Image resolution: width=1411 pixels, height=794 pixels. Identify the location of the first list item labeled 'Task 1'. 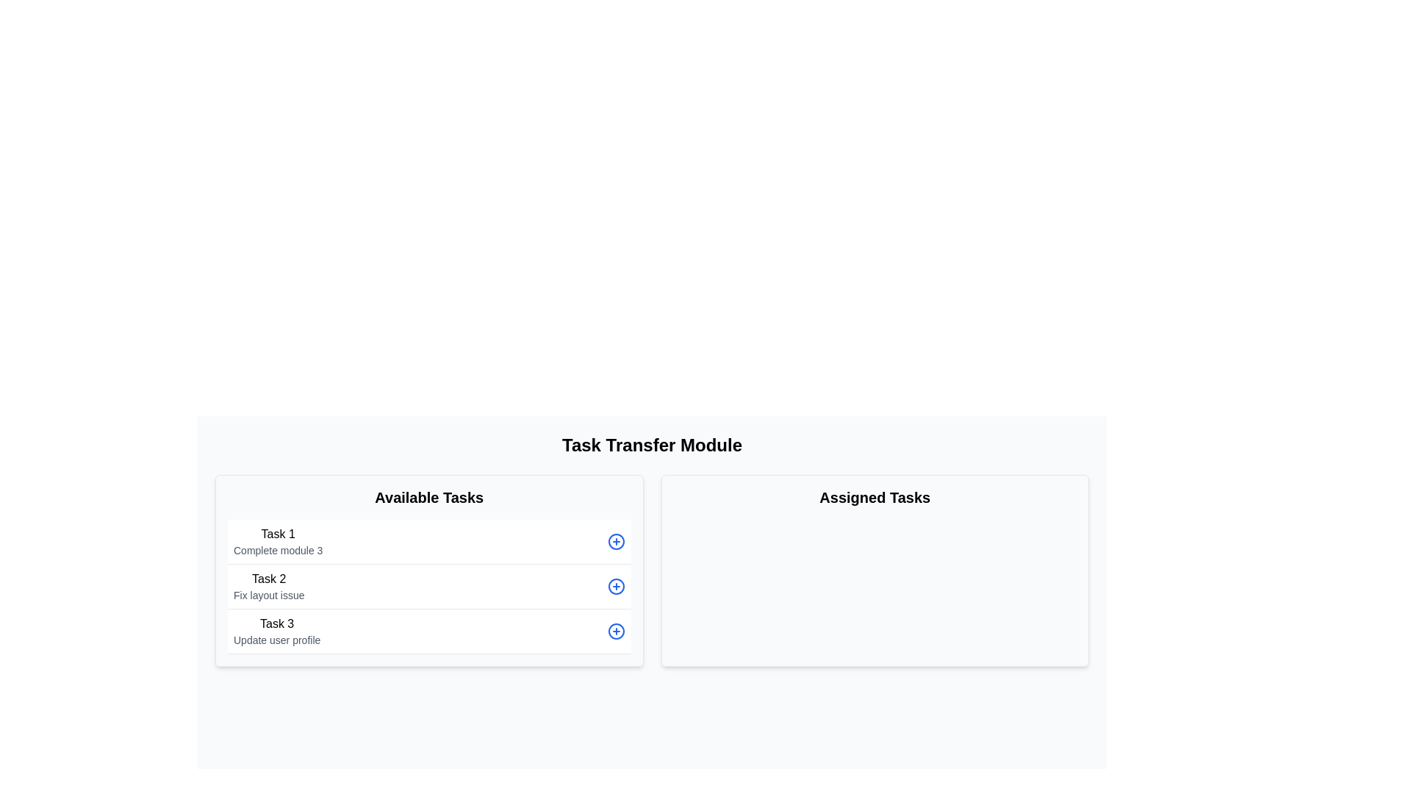
(428, 542).